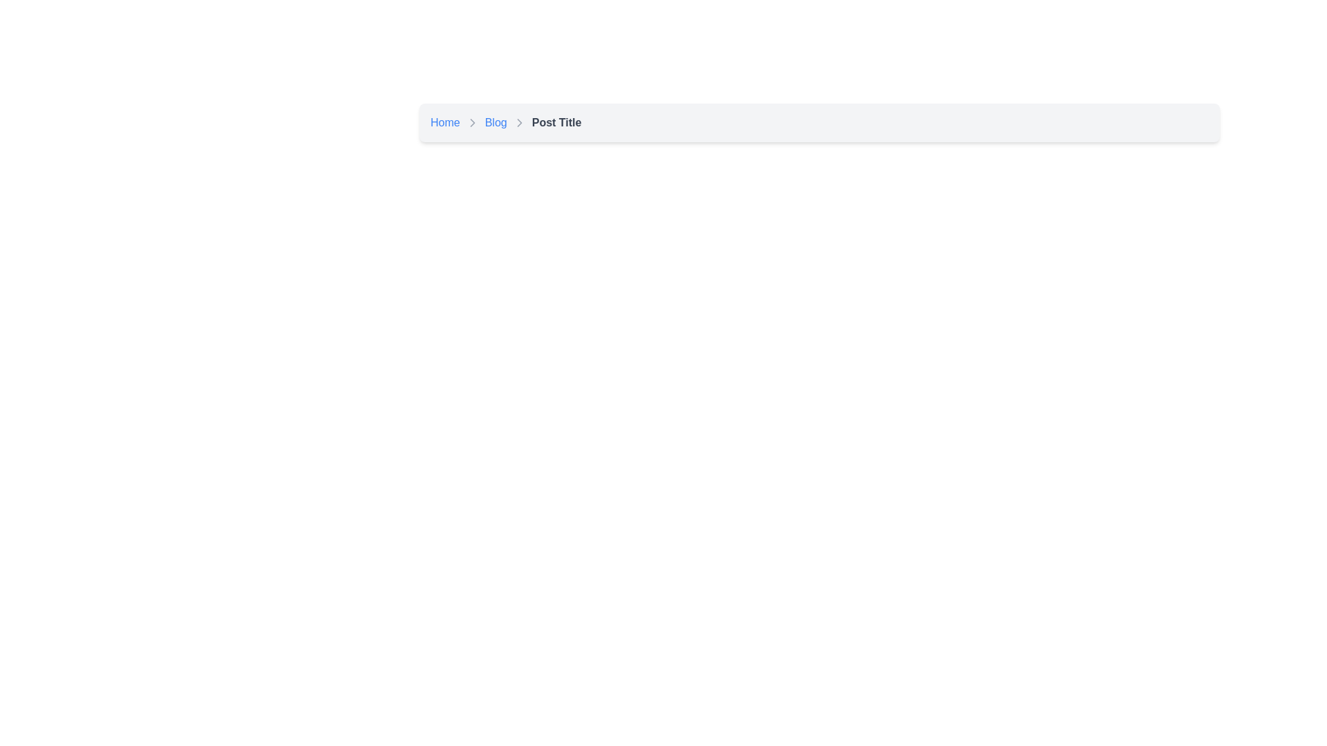  I want to click on the 'Blog' hyperlink in the breadcrumb navigation, so click(496, 122).